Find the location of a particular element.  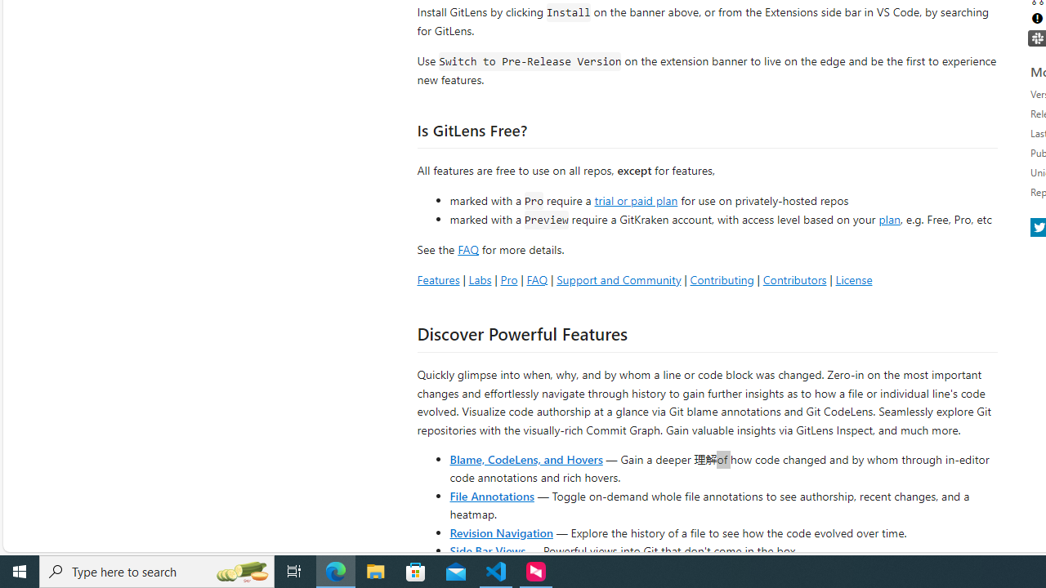

'File Annotations' is located at coordinates (491, 494).